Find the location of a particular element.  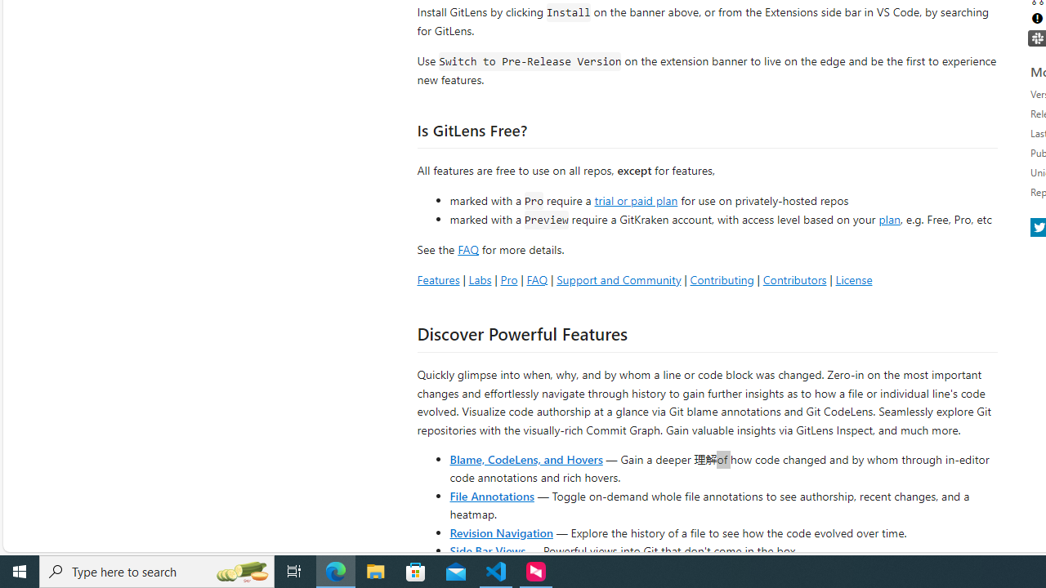

'File Annotations' is located at coordinates (491, 494).